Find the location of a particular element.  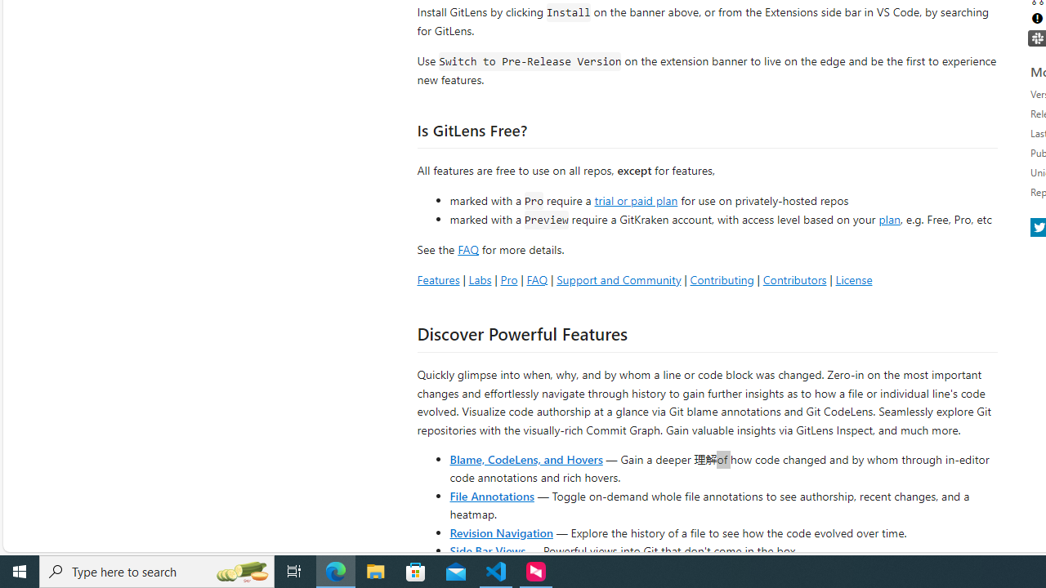

'File Annotations' is located at coordinates (491, 494).